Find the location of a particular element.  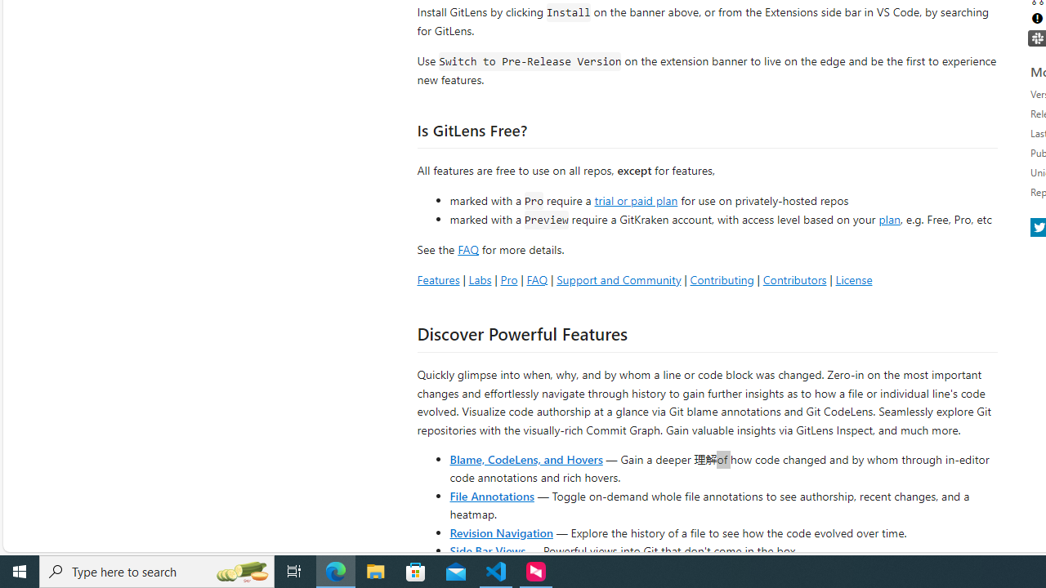

'File Annotations' is located at coordinates (491, 494).